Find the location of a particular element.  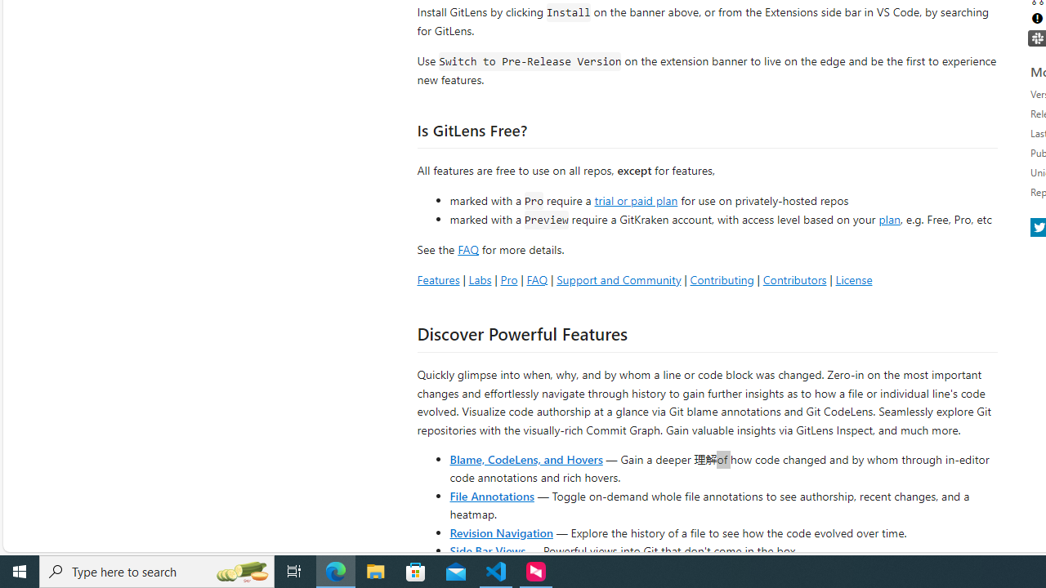

'File Annotations' is located at coordinates (491, 494).